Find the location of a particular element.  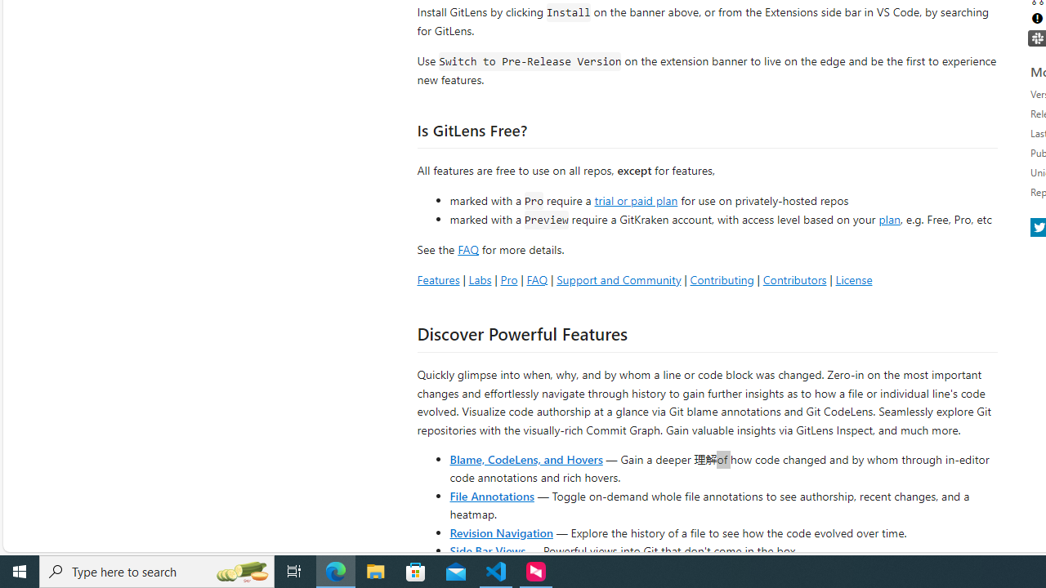

'File Annotations' is located at coordinates (491, 494).